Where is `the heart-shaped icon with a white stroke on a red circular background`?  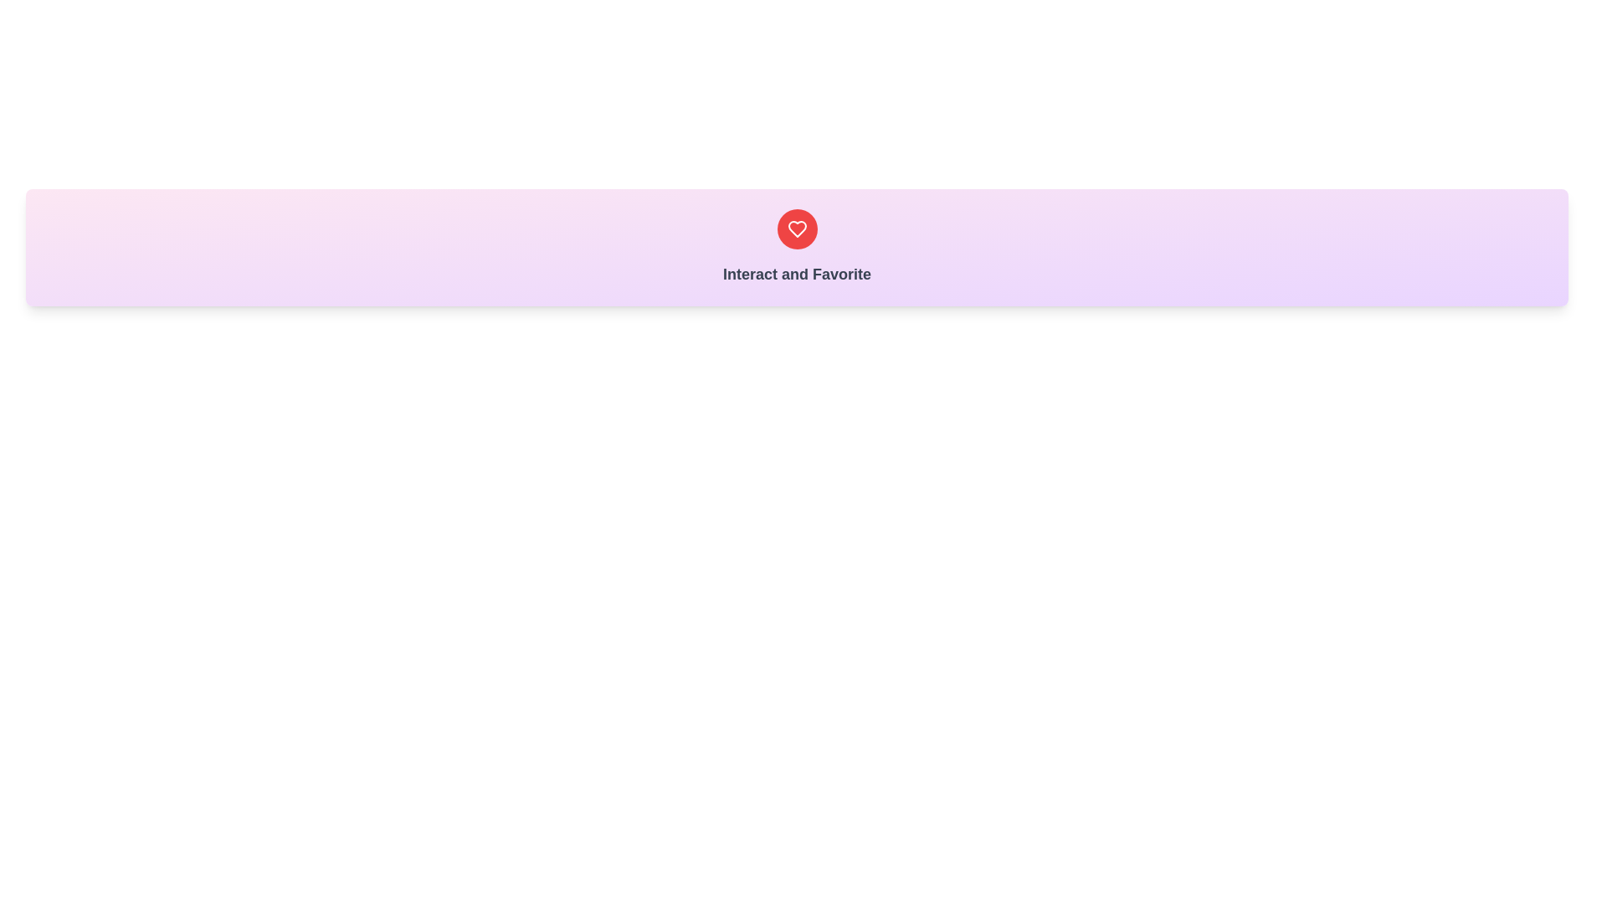 the heart-shaped icon with a white stroke on a red circular background is located at coordinates (796, 229).